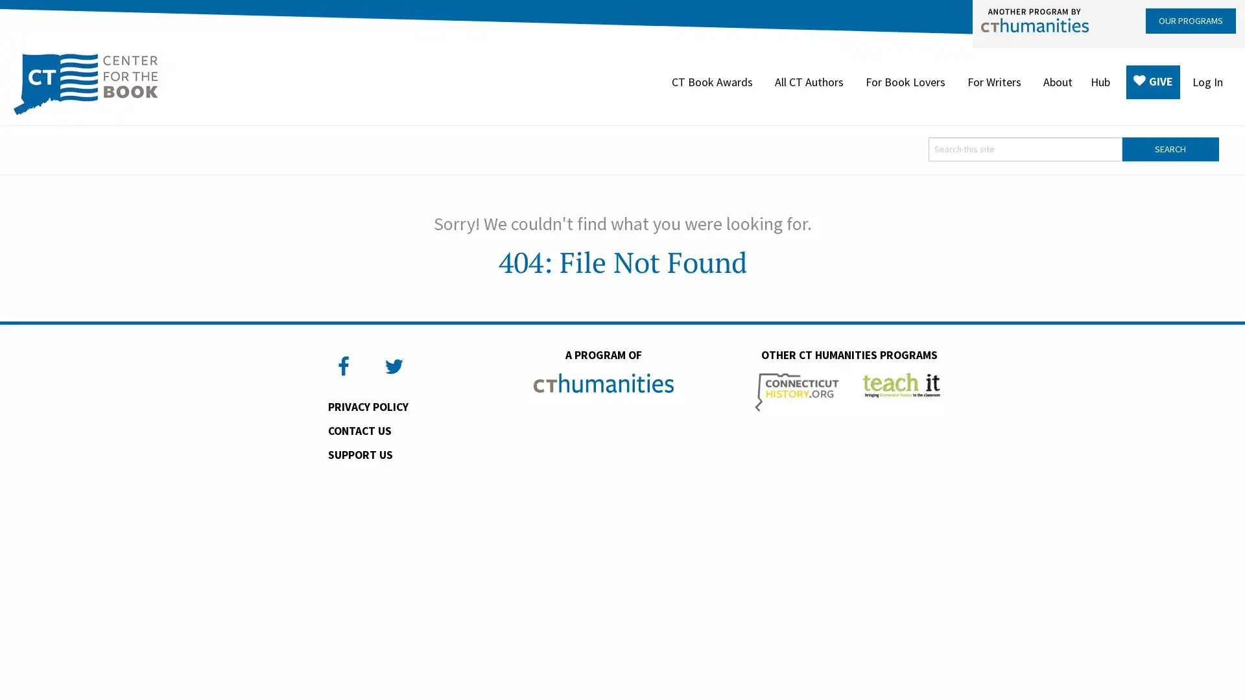 This screenshot has width=1245, height=700. Describe the element at coordinates (1170, 148) in the screenshot. I see `Search` at that location.